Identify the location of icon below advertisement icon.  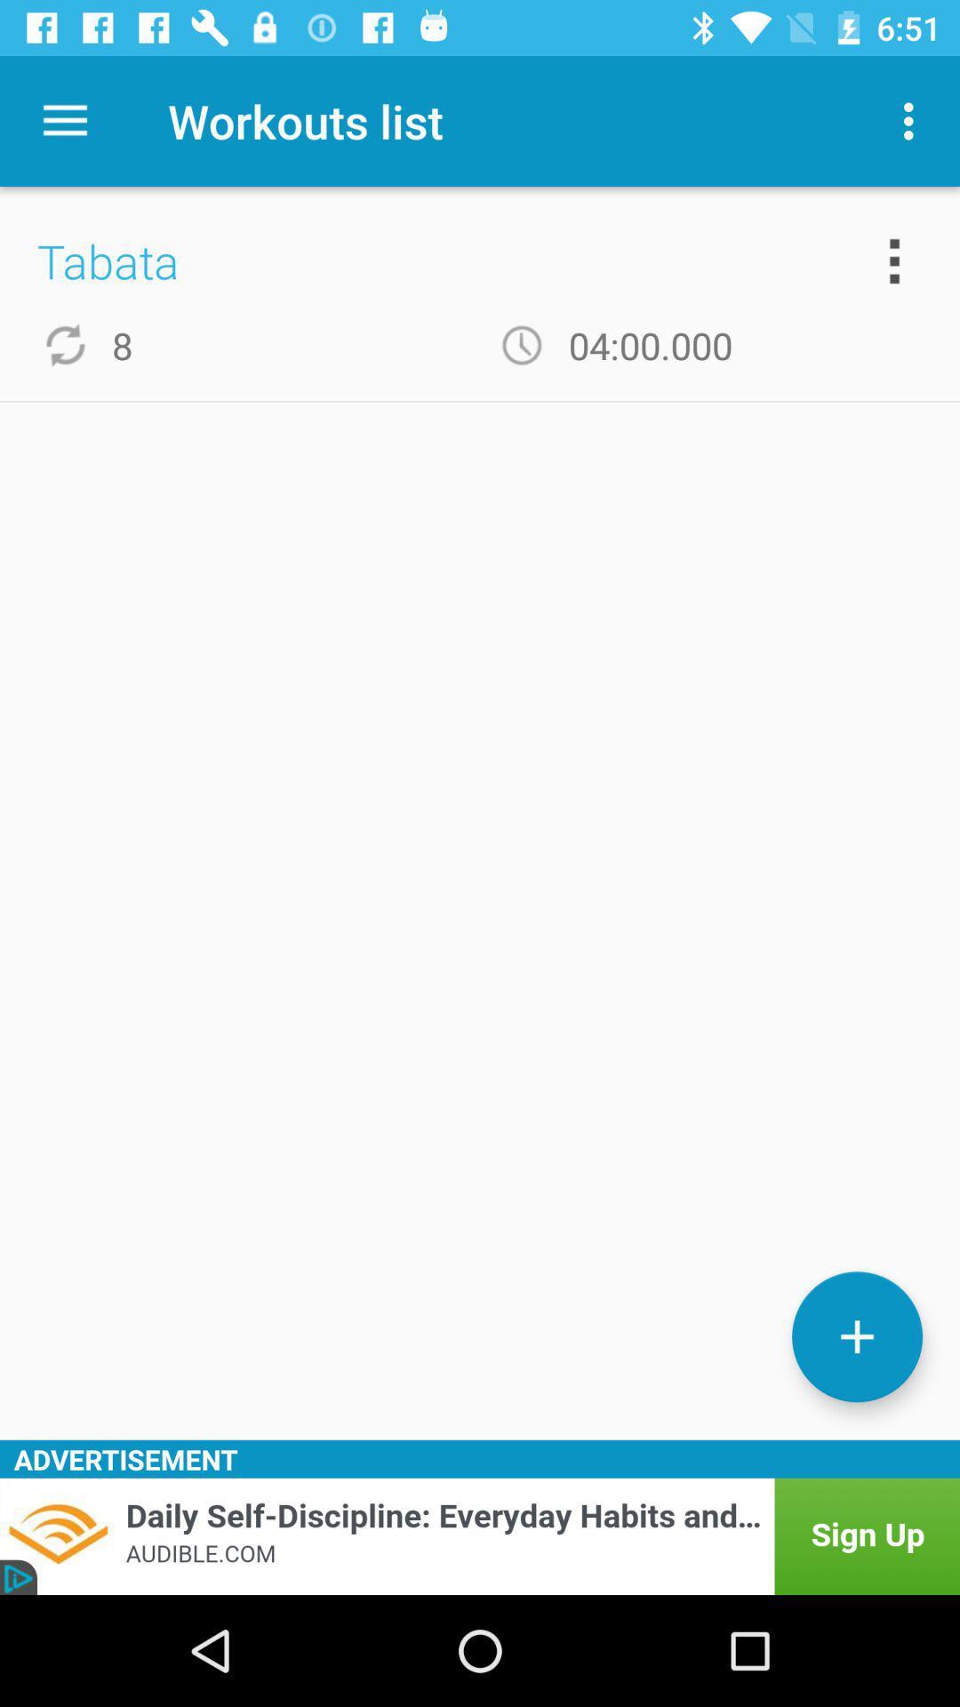
(480, 1535).